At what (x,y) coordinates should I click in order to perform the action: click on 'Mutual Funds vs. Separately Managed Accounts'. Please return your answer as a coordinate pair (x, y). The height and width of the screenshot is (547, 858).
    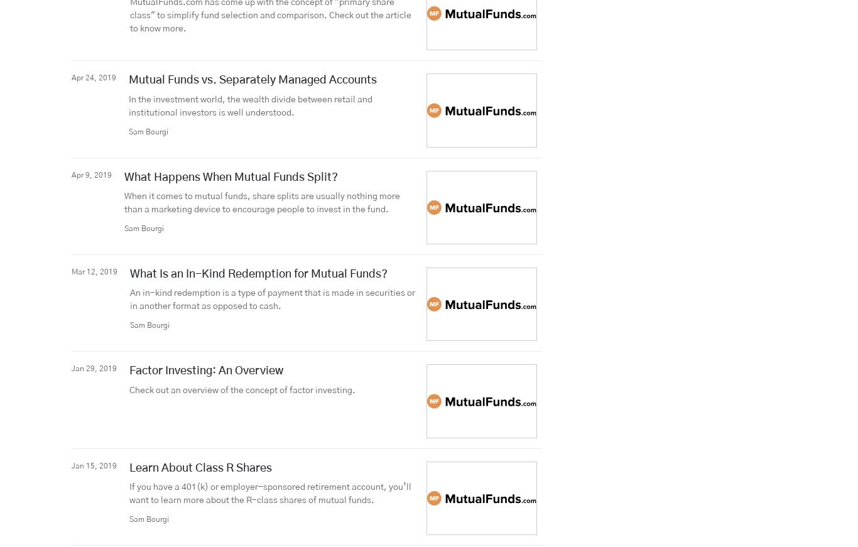
    Looking at the image, I should click on (128, 80).